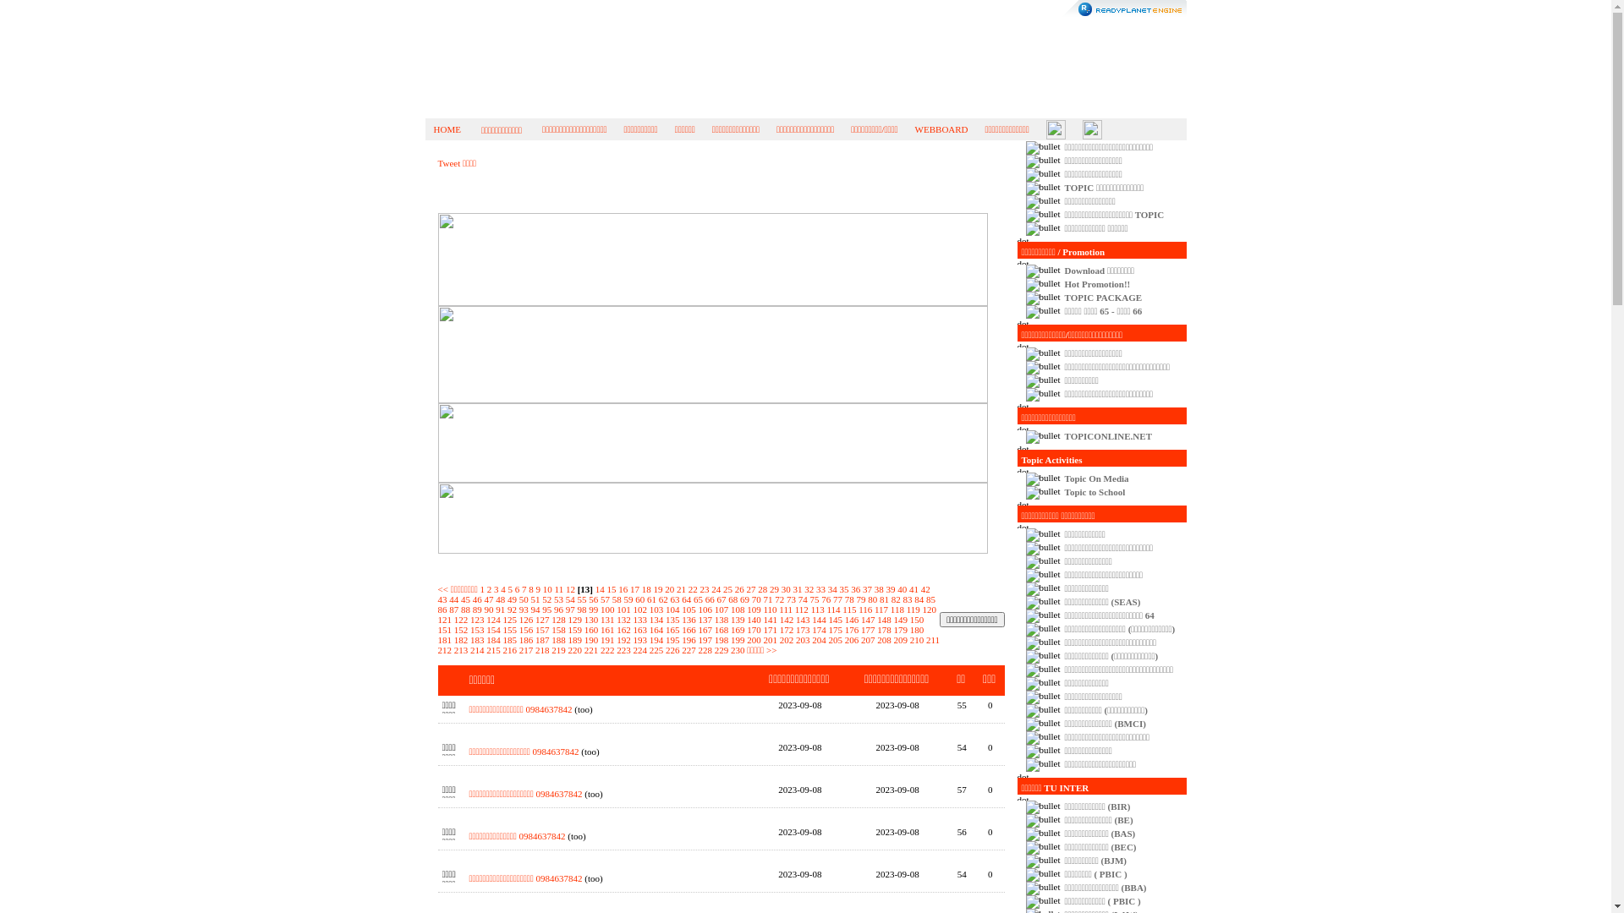  What do you see at coordinates (698, 639) in the screenshot?
I see `'197'` at bounding box center [698, 639].